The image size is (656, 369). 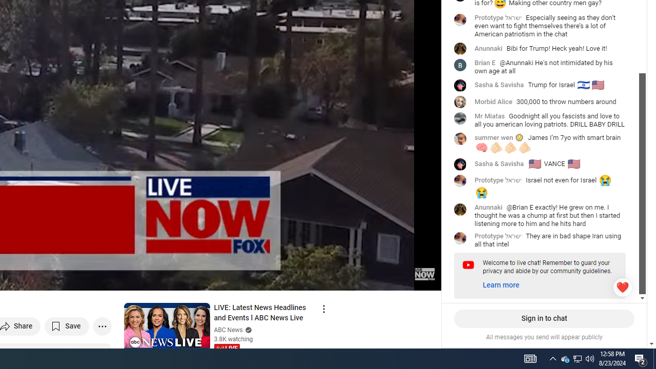 I want to click on 'Channel watermark', so click(x=424, y=273).